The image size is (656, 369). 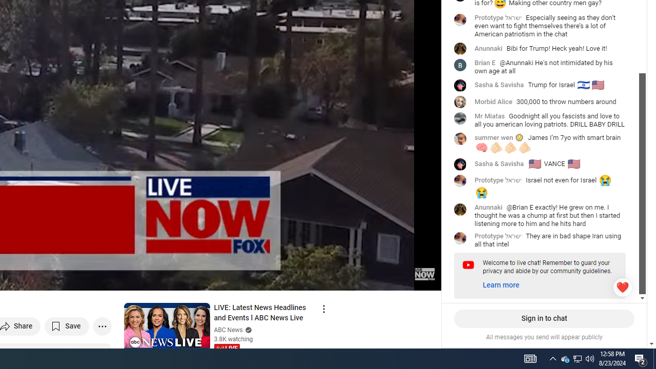 I want to click on 'Channel watermark', so click(x=424, y=273).